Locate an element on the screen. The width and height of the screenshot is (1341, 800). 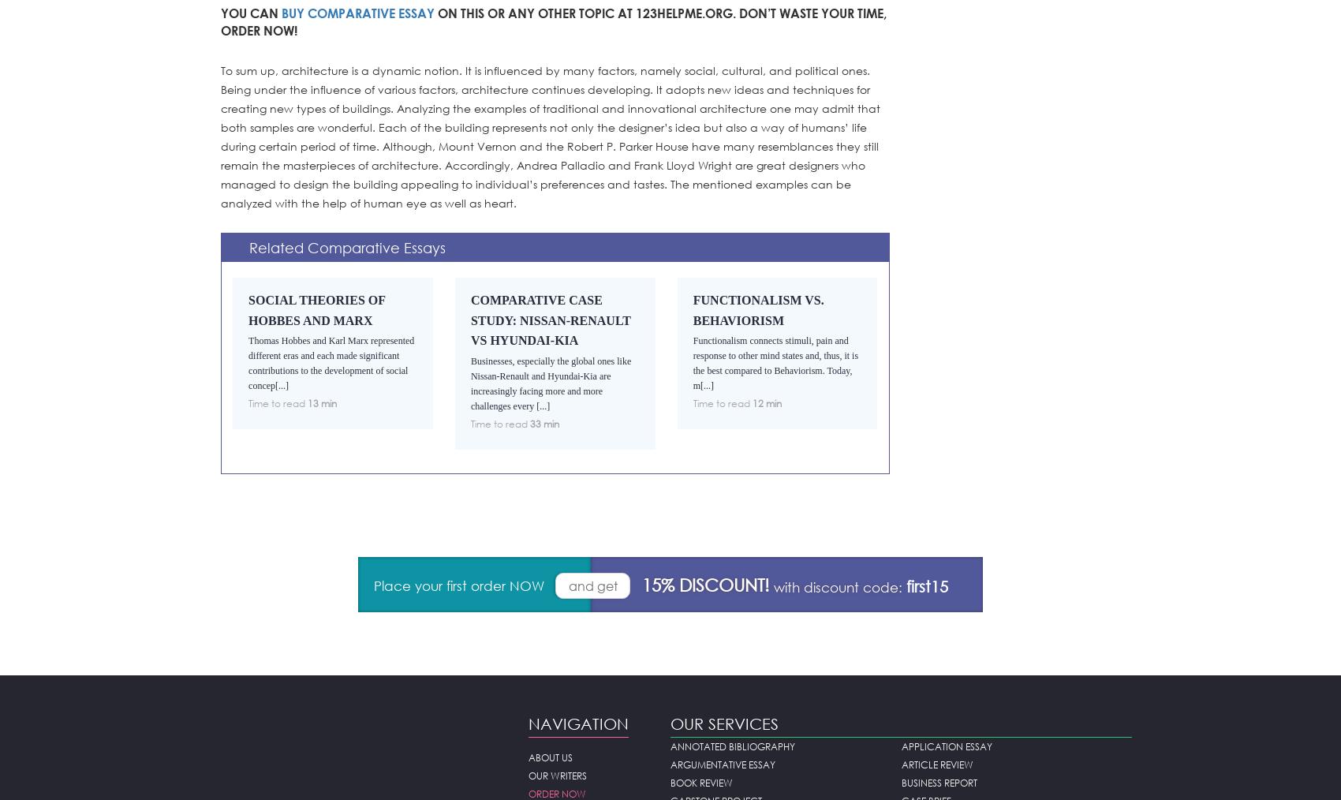
'on this or any other topic at 123HelpMe.org. Don’t waste your time, order now!' is located at coordinates (220, 21).